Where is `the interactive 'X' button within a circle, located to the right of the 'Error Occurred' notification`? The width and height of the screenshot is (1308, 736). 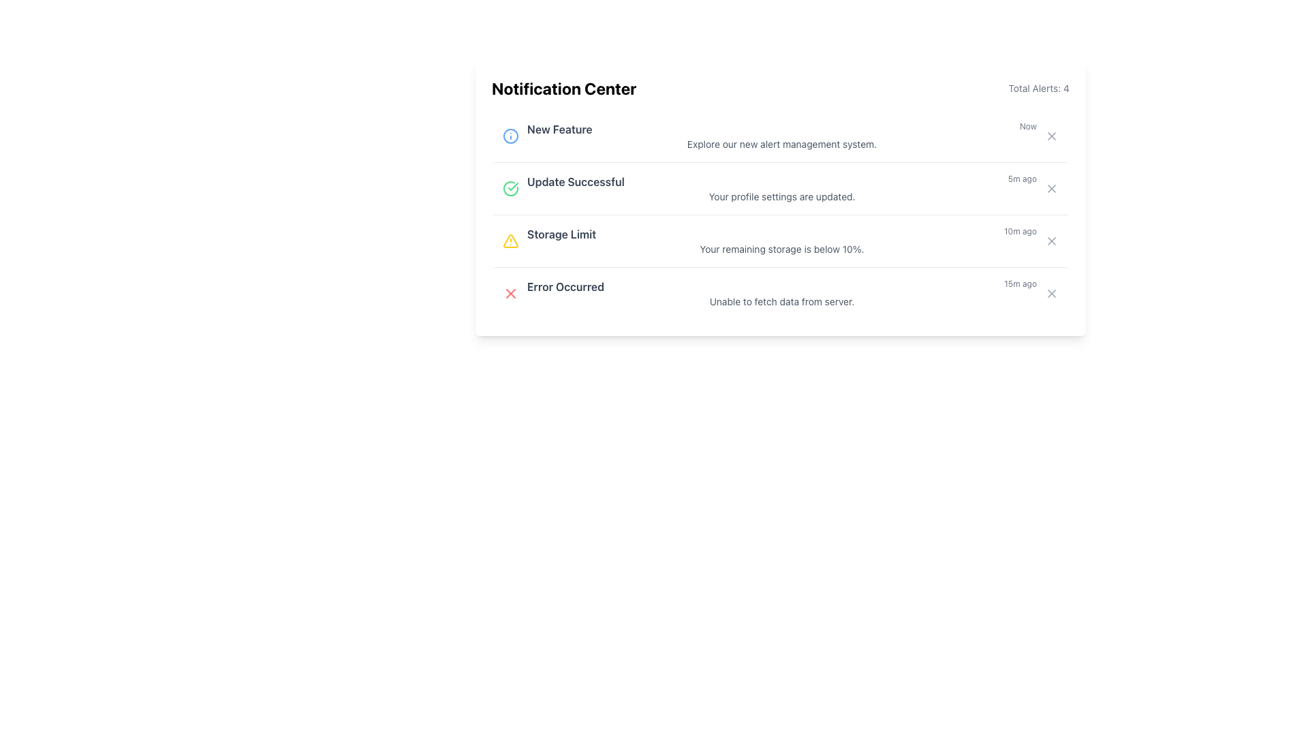
the interactive 'X' button within a circle, located to the right of the 'Error Occurred' notification is located at coordinates (1051, 293).